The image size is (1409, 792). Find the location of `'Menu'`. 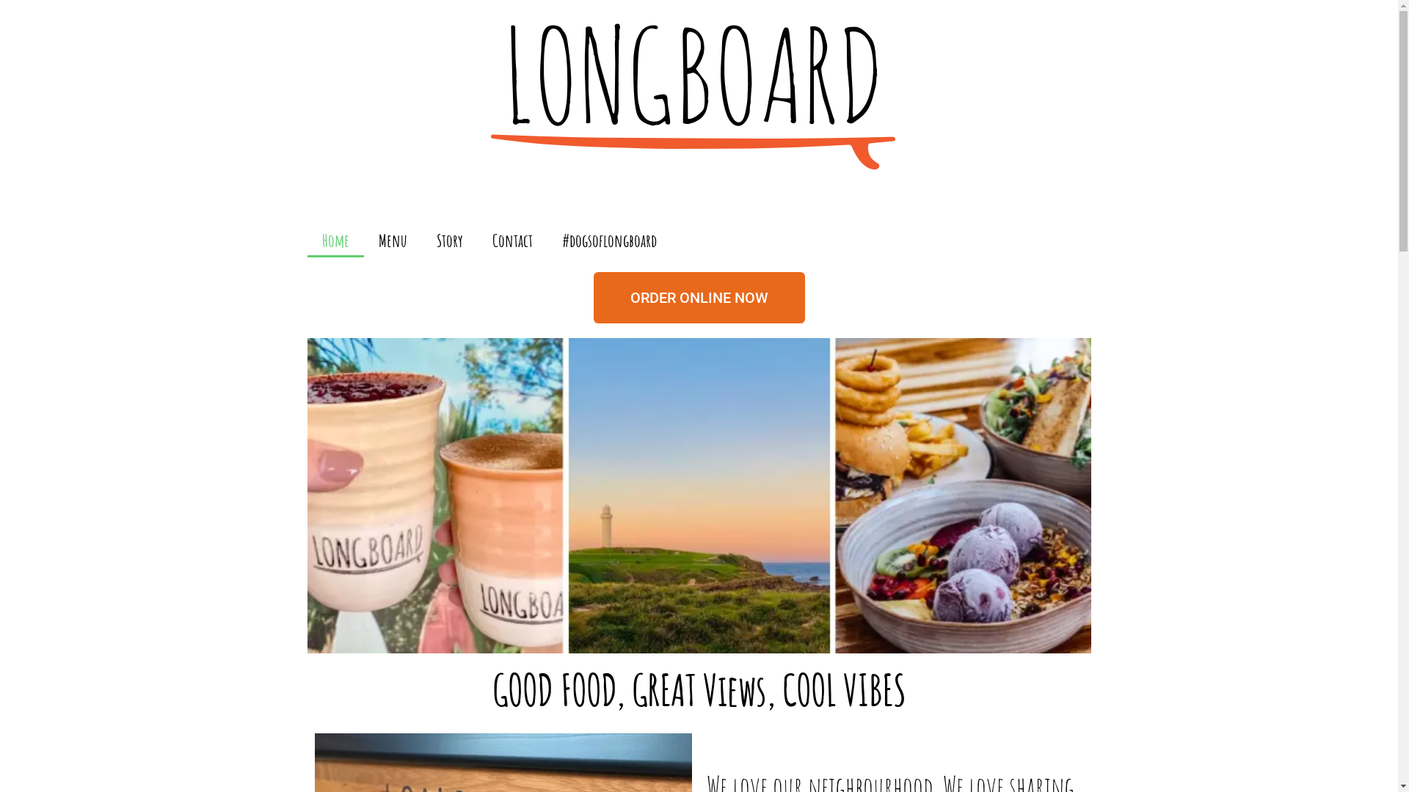

'Menu' is located at coordinates (393, 239).